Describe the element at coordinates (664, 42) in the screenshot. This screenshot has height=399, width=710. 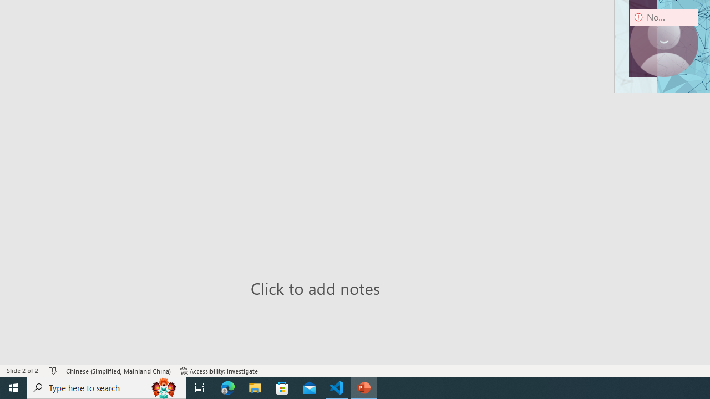
I see `'Camera 9, No camera detected.'` at that location.